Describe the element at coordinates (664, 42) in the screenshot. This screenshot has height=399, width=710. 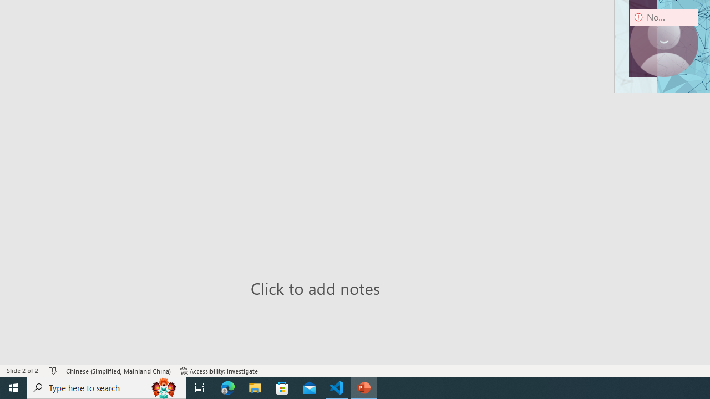
I see `'Camera 9, No camera detected.'` at that location.